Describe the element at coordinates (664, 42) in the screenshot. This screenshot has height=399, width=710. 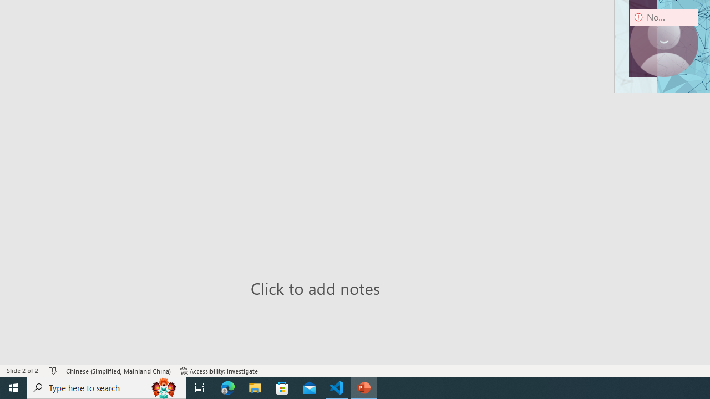
I see `'Camera 9, No camera detected.'` at that location.